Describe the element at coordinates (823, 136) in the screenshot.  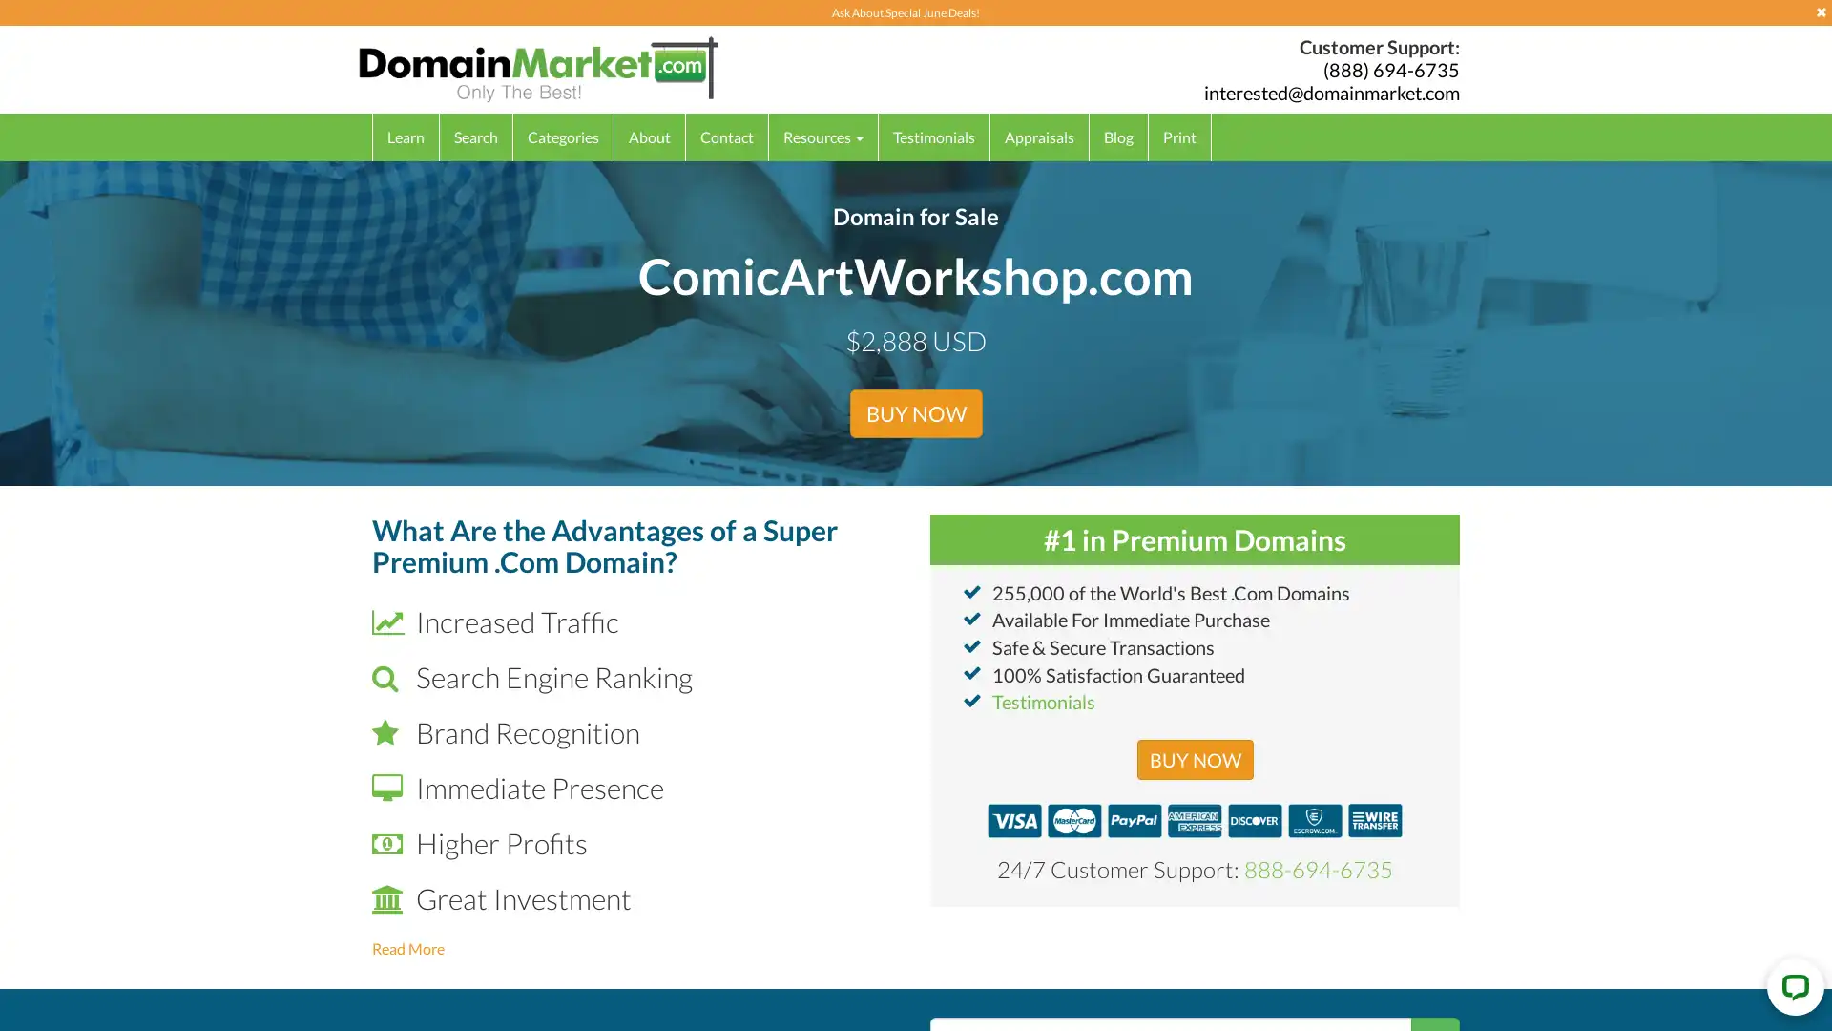
I see `Resources` at that location.